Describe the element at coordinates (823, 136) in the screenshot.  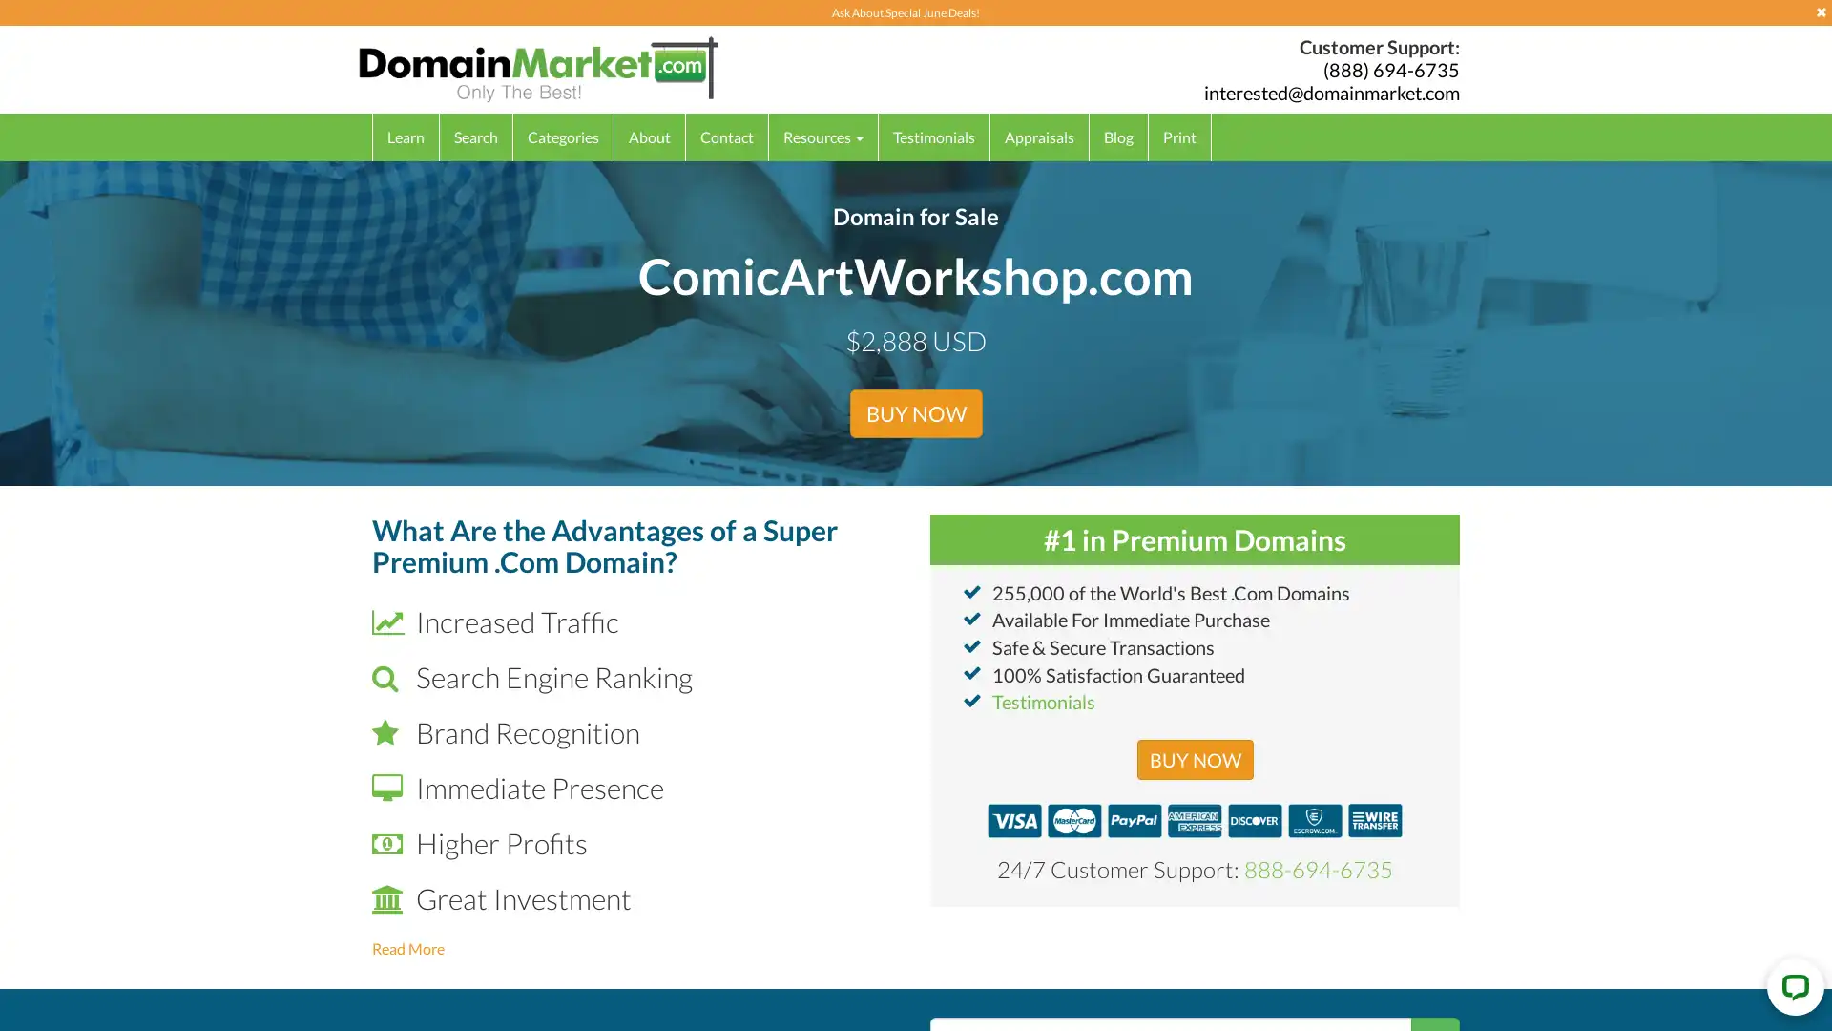
I see `Resources` at that location.